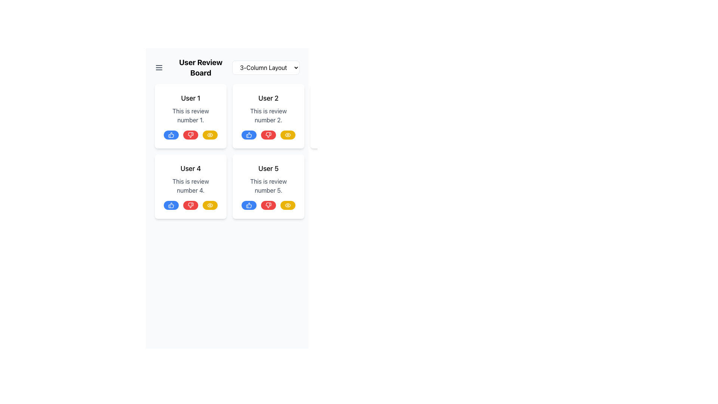 This screenshot has width=718, height=404. Describe the element at coordinates (269, 98) in the screenshot. I see `the text label displaying 'User 2', which is styled in bold black font against a white background, located in the top part of the second card in the grid layout of user reviews` at that location.